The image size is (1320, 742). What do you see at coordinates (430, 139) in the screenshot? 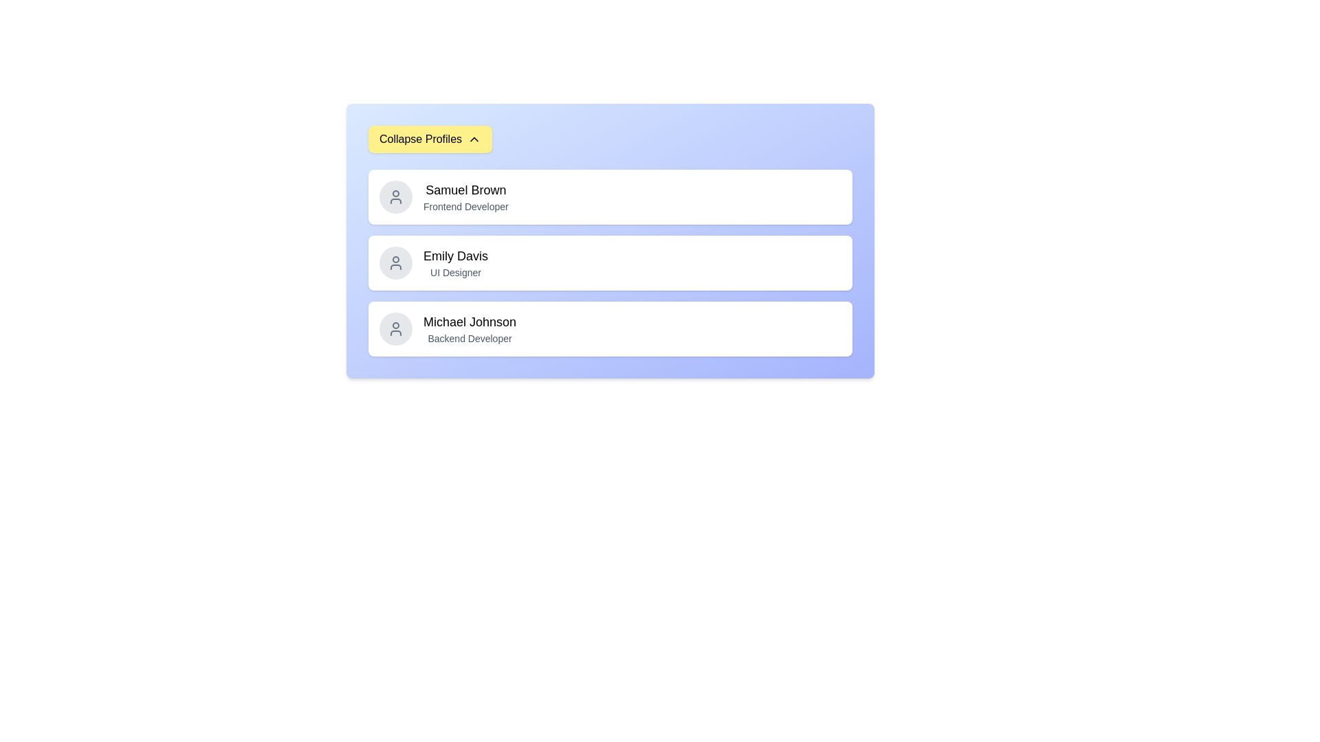
I see `the button at the top of the profile list` at bounding box center [430, 139].